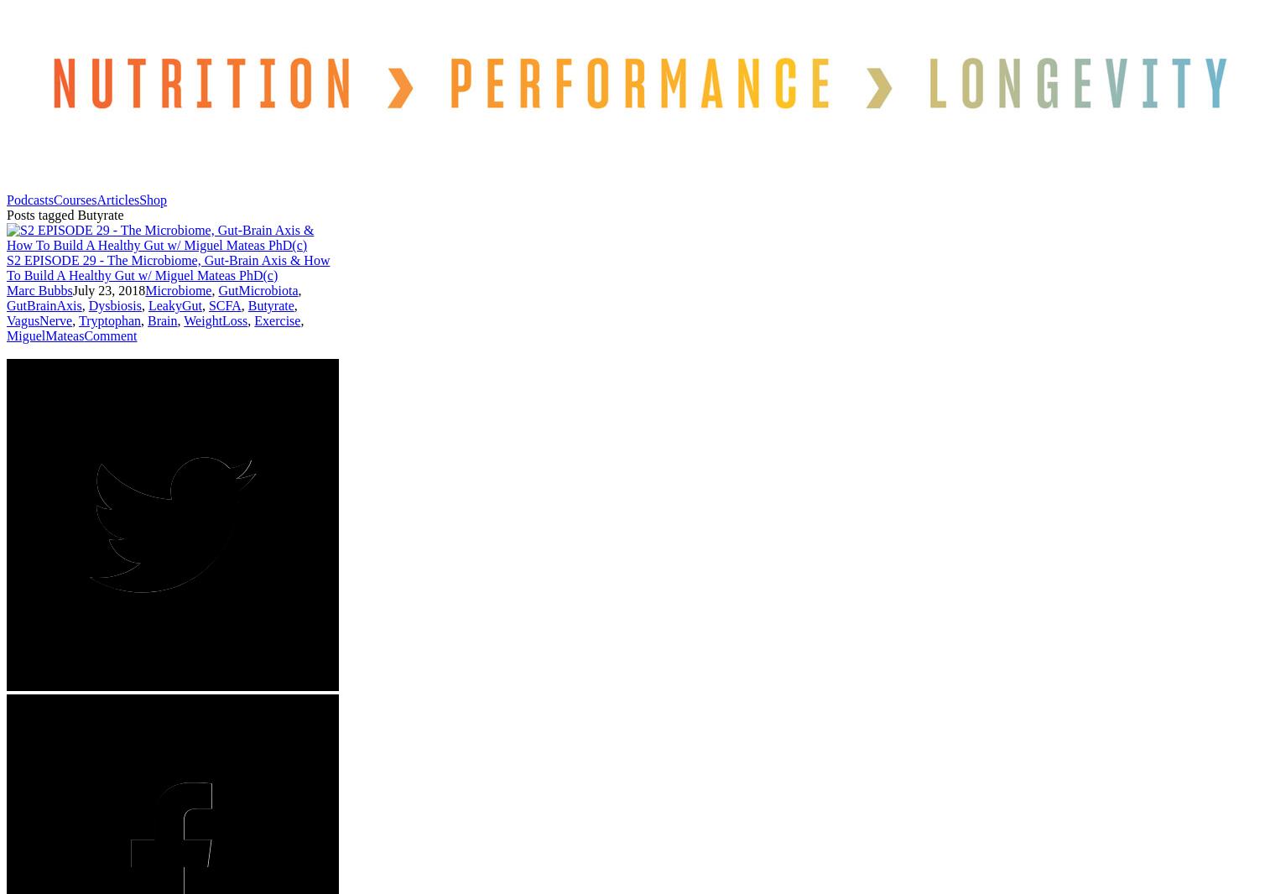 Image resolution: width=1265 pixels, height=894 pixels. What do you see at coordinates (114, 304) in the screenshot?
I see `'Dysbiosis'` at bounding box center [114, 304].